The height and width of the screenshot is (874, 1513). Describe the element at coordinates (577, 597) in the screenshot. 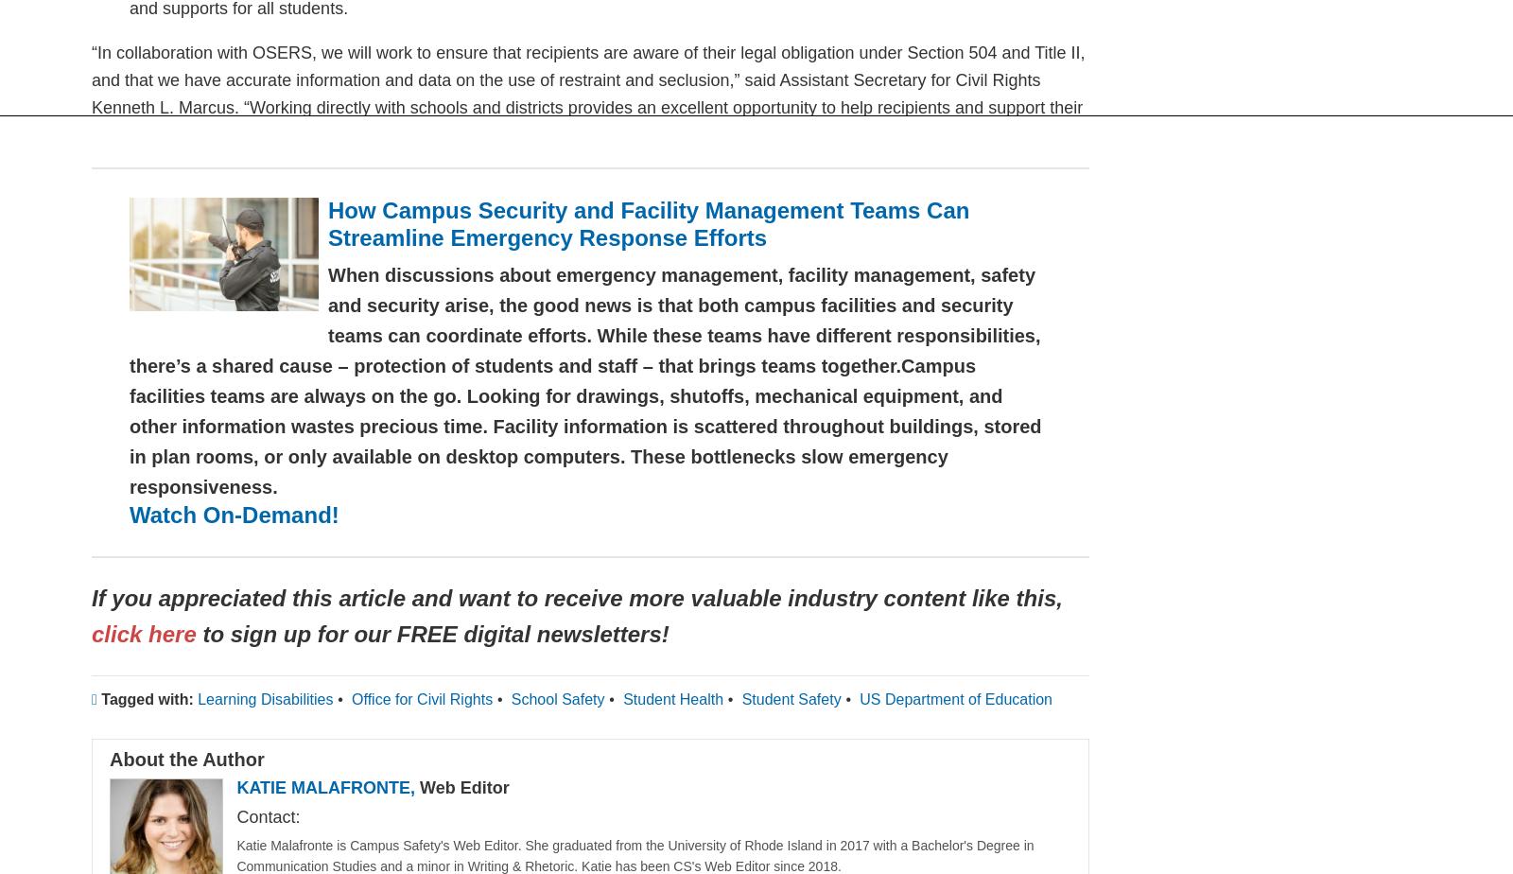

I see `'If you appreciated this article and want to receive more valuable industry content like this,'` at that location.